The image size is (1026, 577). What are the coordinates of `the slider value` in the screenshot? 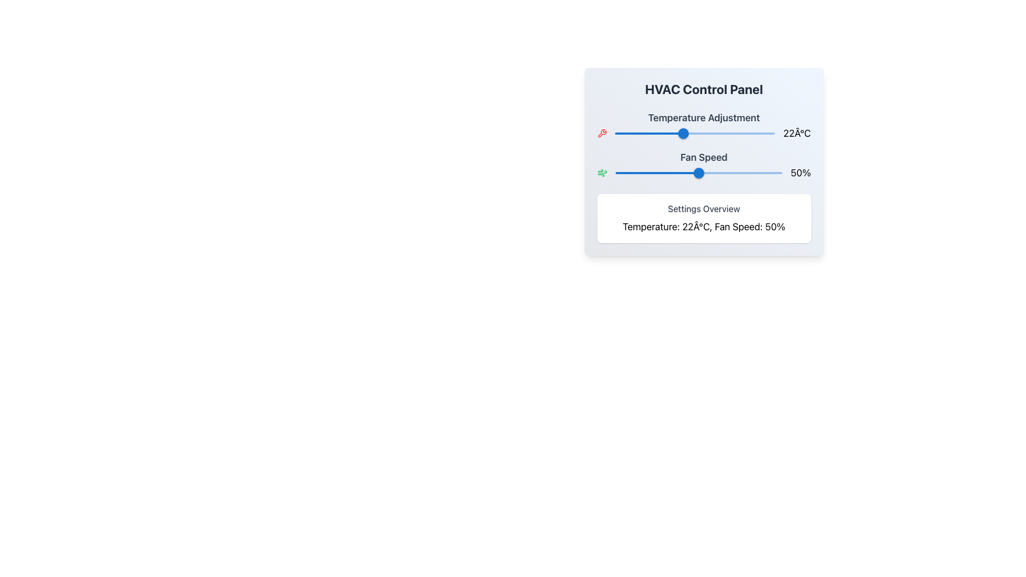 It's located at (641, 173).